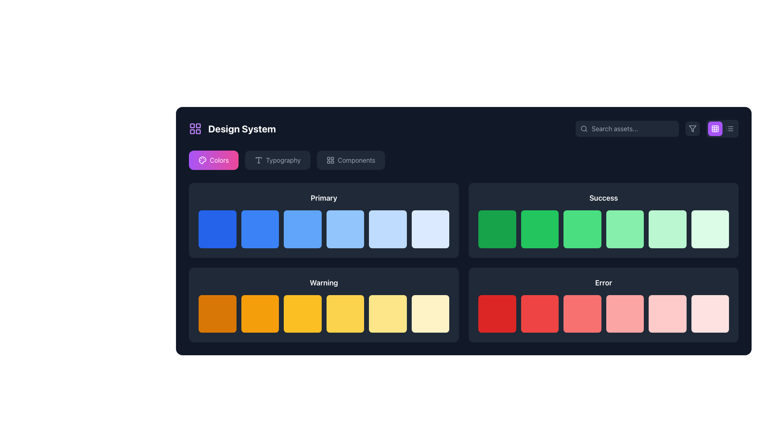 Image resolution: width=775 pixels, height=436 pixels. What do you see at coordinates (582, 313) in the screenshot?
I see `the third color swatch under the 'Error' heading in the 'Colors' section` at bounding box center [582, 313].